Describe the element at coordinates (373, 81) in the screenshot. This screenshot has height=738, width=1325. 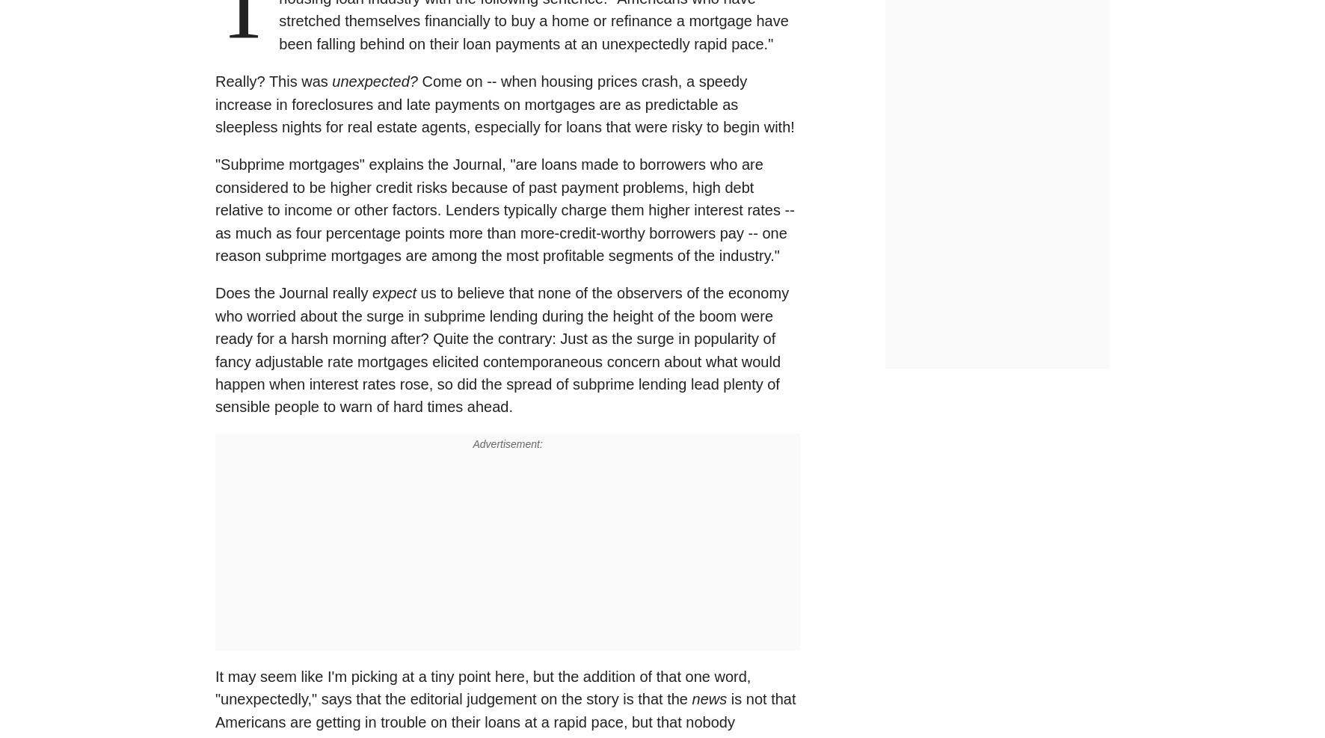
I see `'unexpected?'` at that location.